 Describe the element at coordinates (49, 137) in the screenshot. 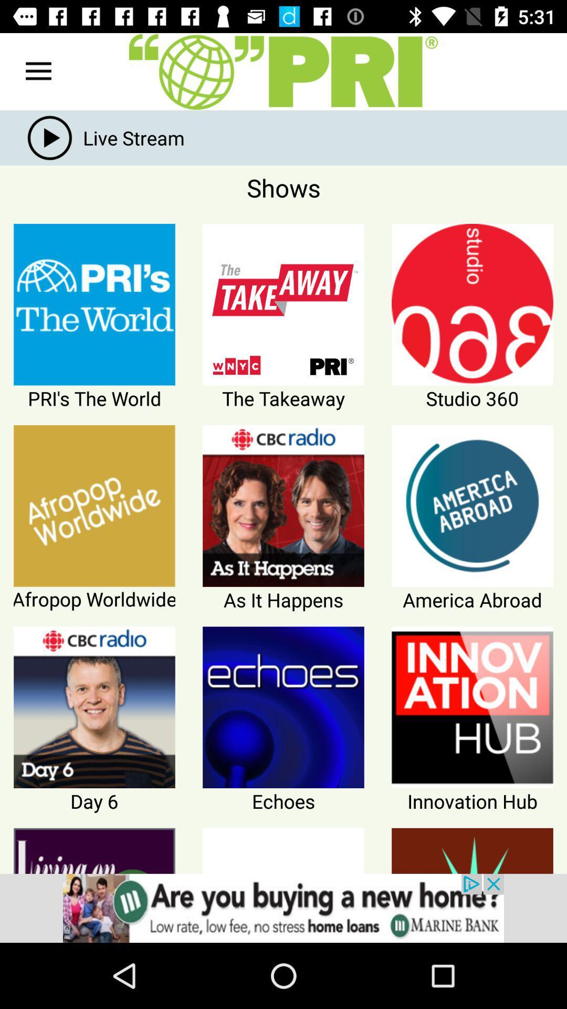

I see `the play icon` at that location.